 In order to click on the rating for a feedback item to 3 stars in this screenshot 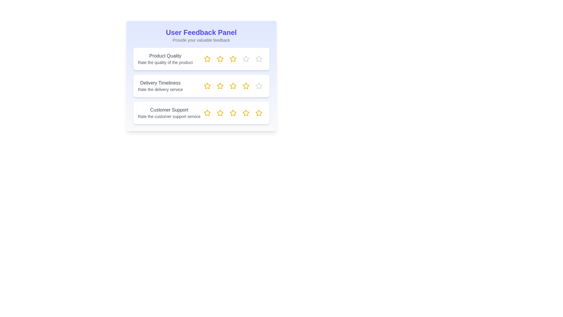, I will do `click(233, 59)`.